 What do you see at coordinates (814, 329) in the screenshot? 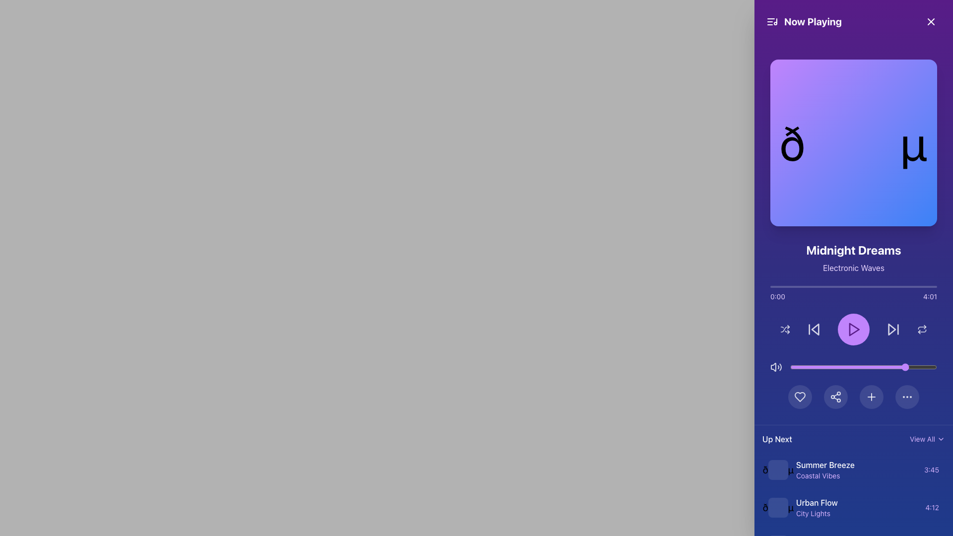
I see `the previous track button, which is the second icon from the left in the media control section below the media title` at bounding box center [814, 329].